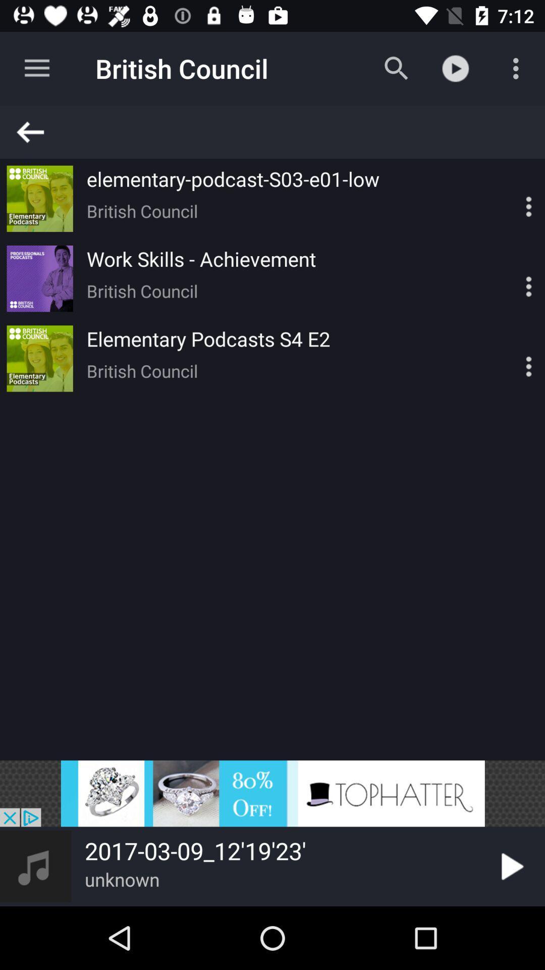 This screenshot has width=545, height=970. I want to click on options, so click(511, 358).